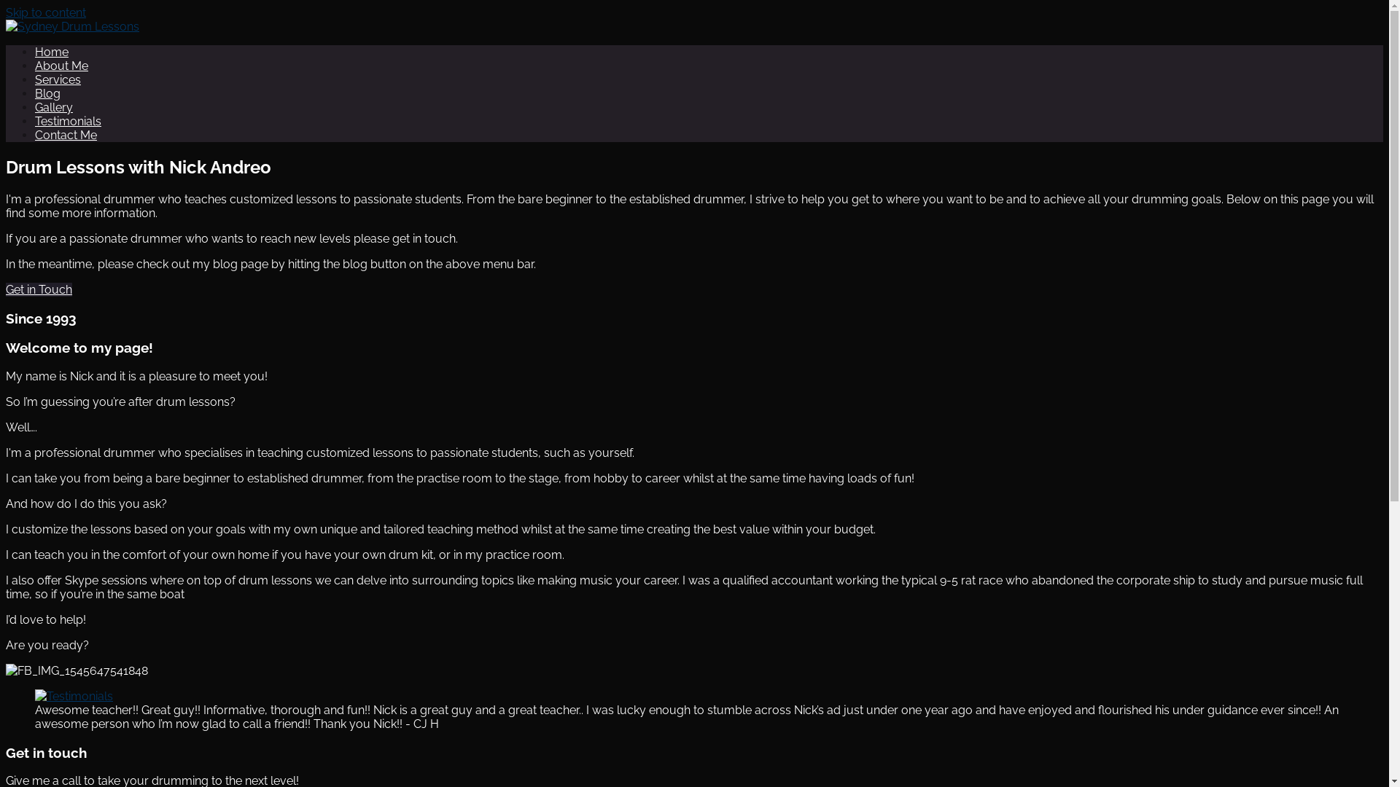 This screenshot has height=787, width=1400. I want to click on 'Skip to content', so click(6, 12).